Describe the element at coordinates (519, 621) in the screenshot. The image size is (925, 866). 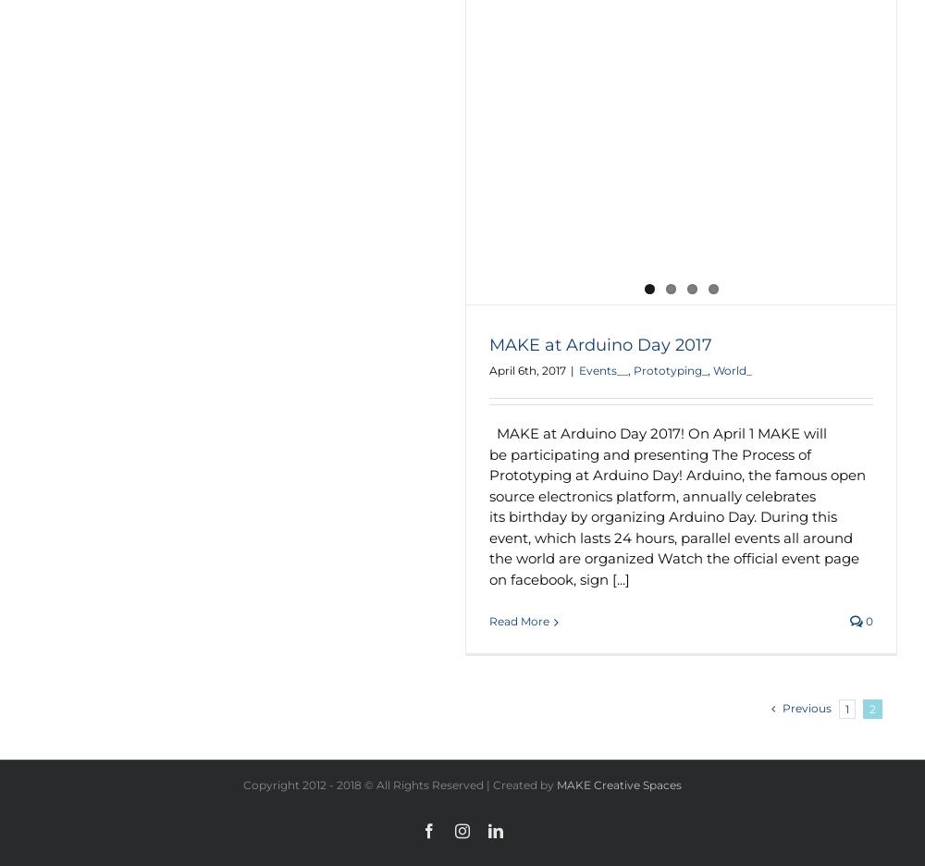
I see `'Read More'` at that location.